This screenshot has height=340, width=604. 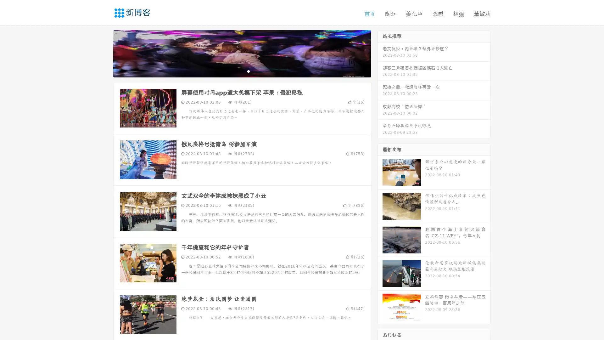 I want to click on Go to slide 1, so click(x=235, y=71).